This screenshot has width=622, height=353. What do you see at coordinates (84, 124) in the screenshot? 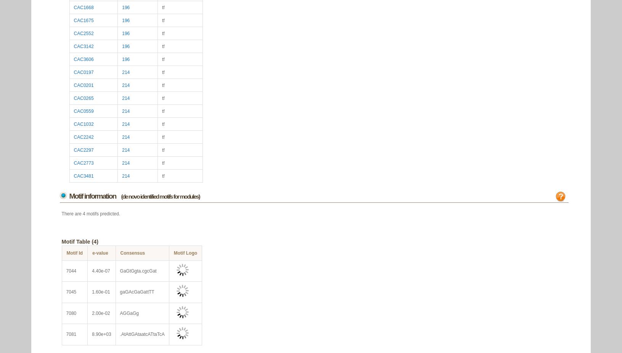
I see `'CAC1032'` at bounding box center [84, 124].